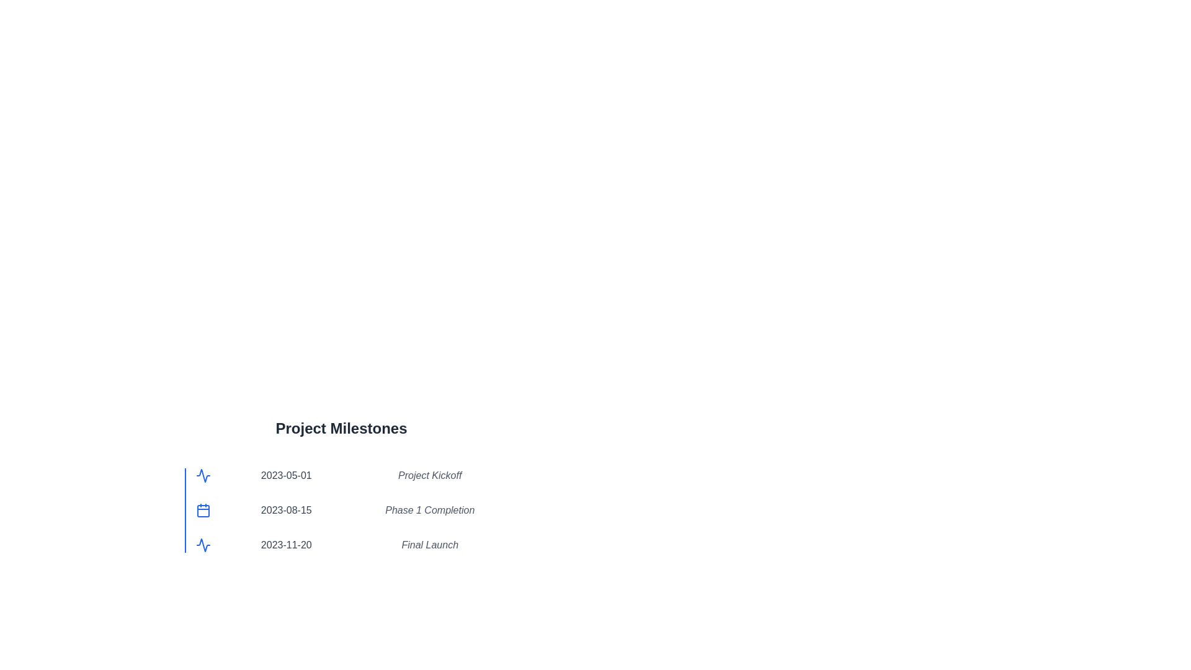  I want to click on the text label that reads 'Final Launch', which is the last item in the vertical list of milestones under the section titled 'Project Milestones', so click(430, 545).